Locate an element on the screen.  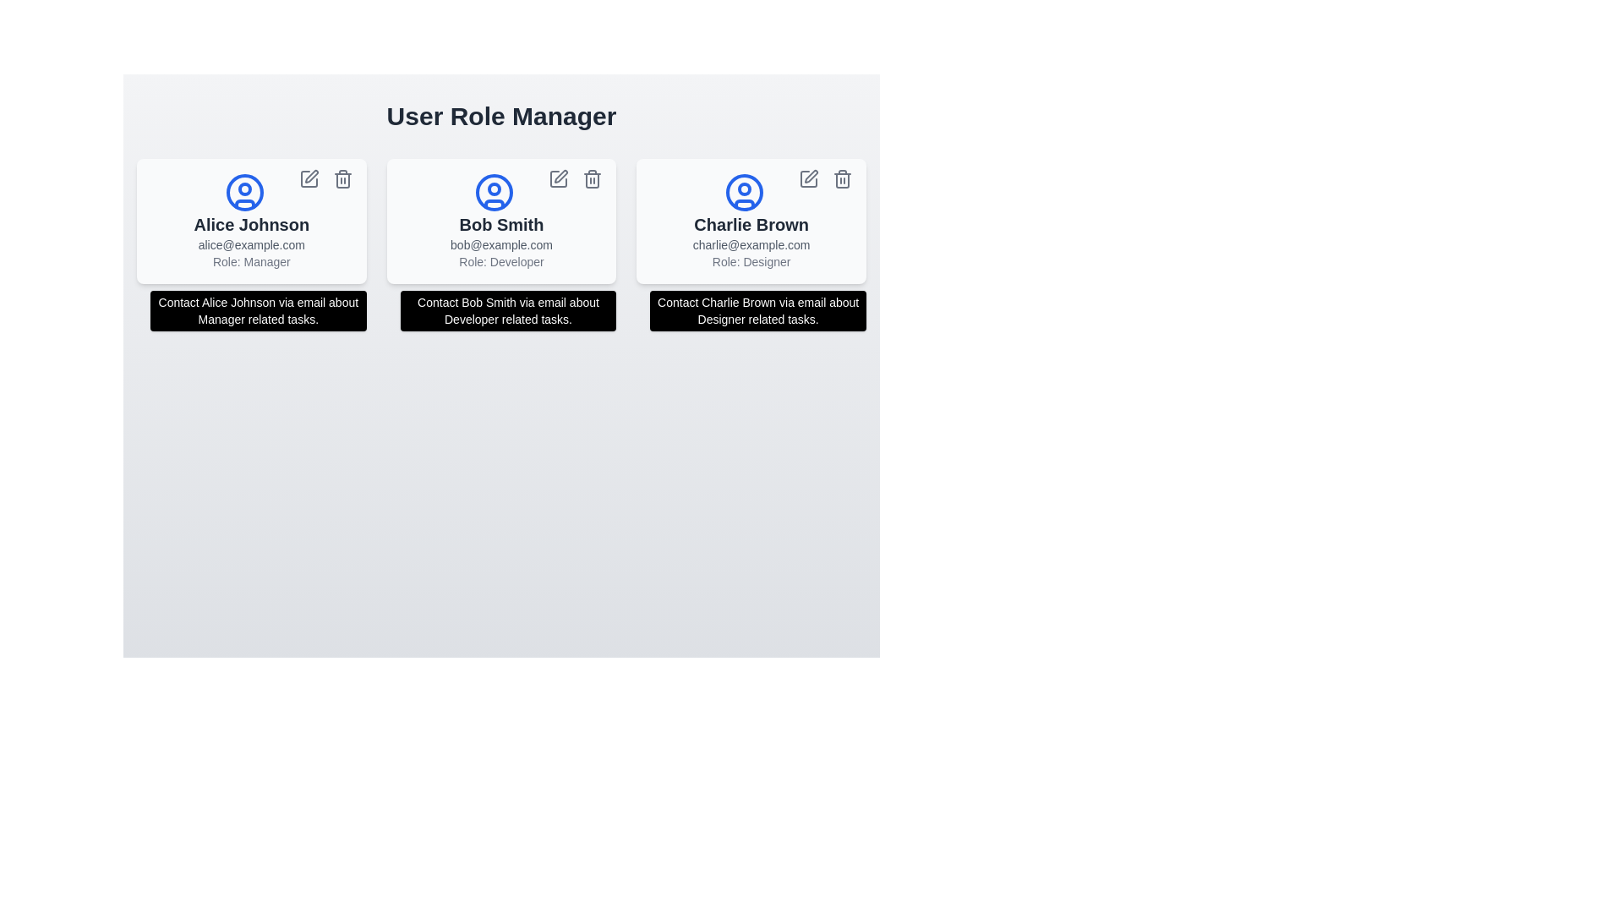
text content of the label displaying 'Charlie Brown', which is in large, bold font and positioned centrally within the user card, above the email and role texts is located at coordinates (751, 224).